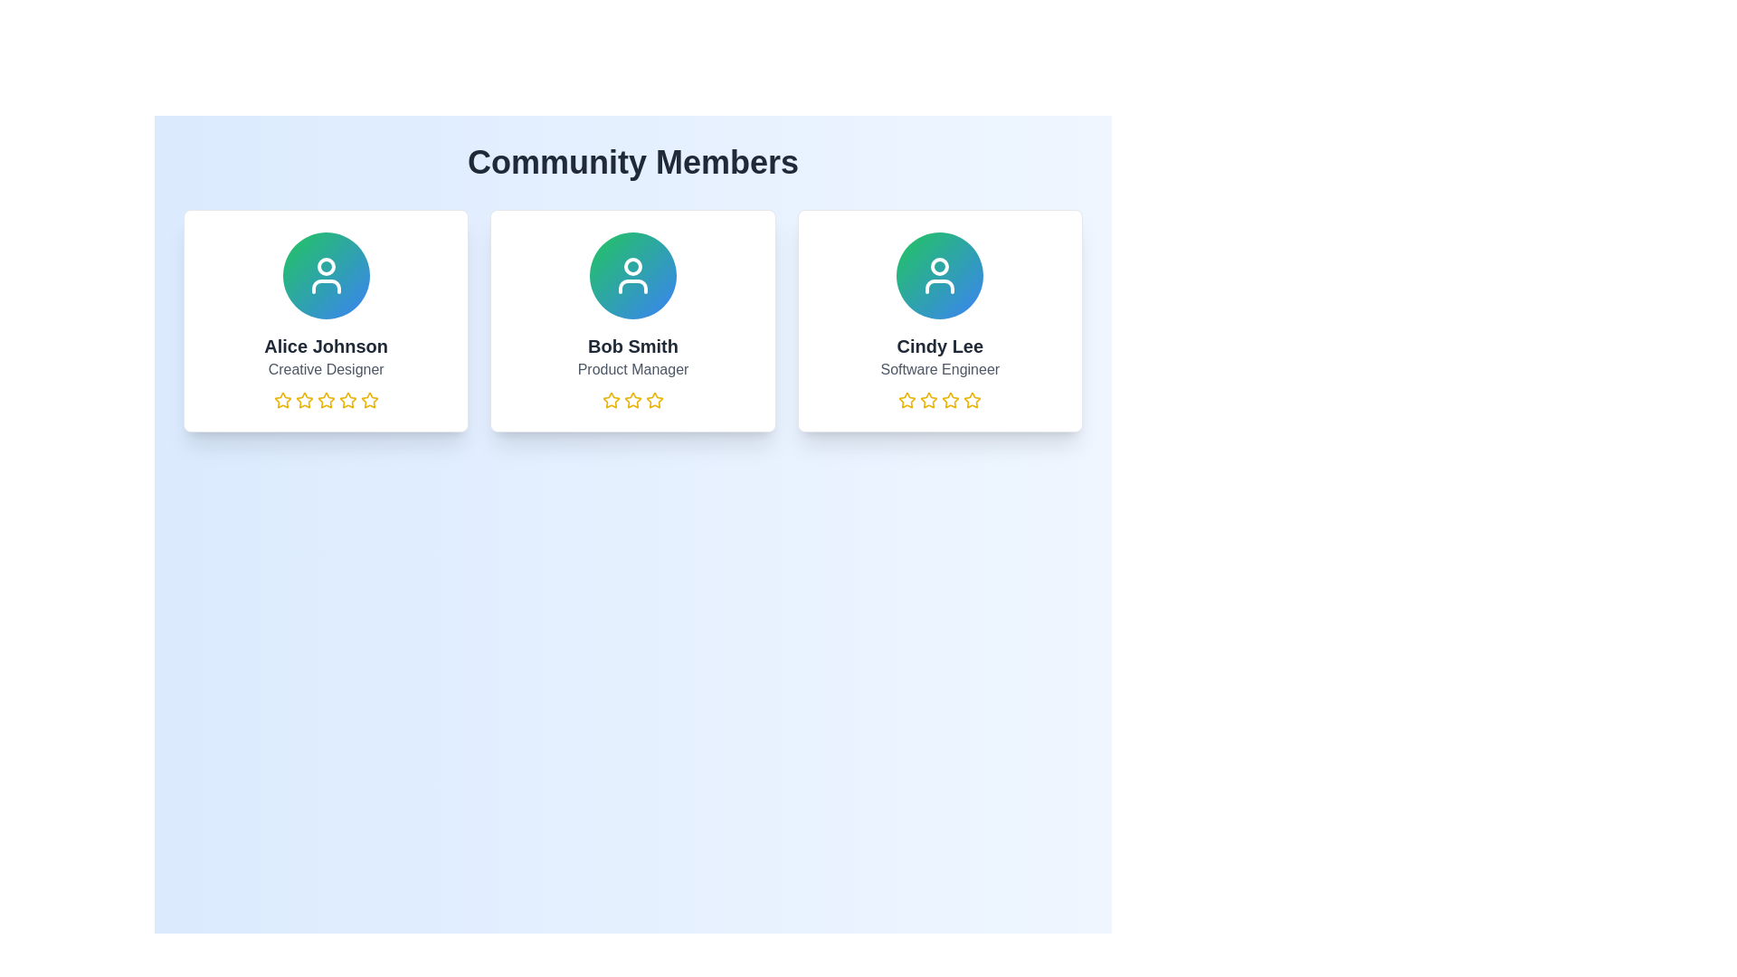  Describe the element at coordinates (950, 399) in the screenshot. I see `the fourth star in the five-star rating system associated with Cindy Lee, Software Engineer, as an indicator of rating` at that location.